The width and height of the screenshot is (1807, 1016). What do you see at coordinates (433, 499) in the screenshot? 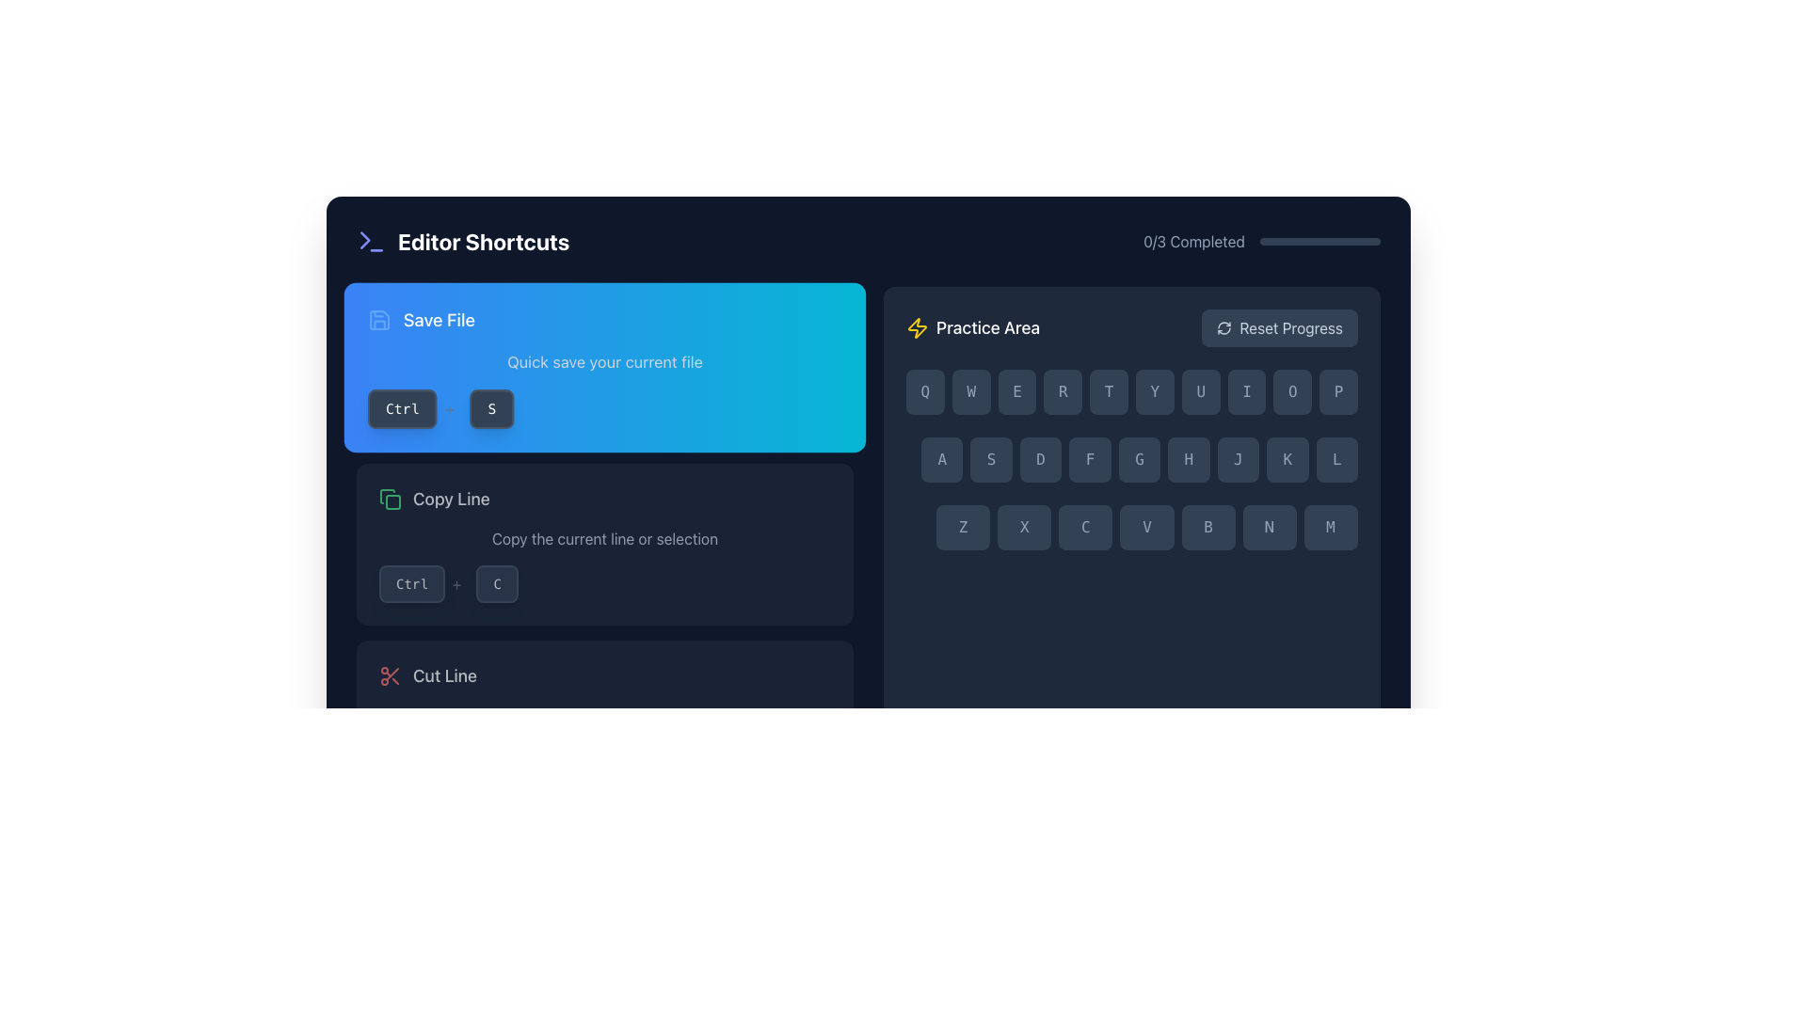
I see `the informational label paired with an icon located in the left panel of the interface, under the 'Save File' row and above the 'Cut Line' row` at bounding box center [433, 499].